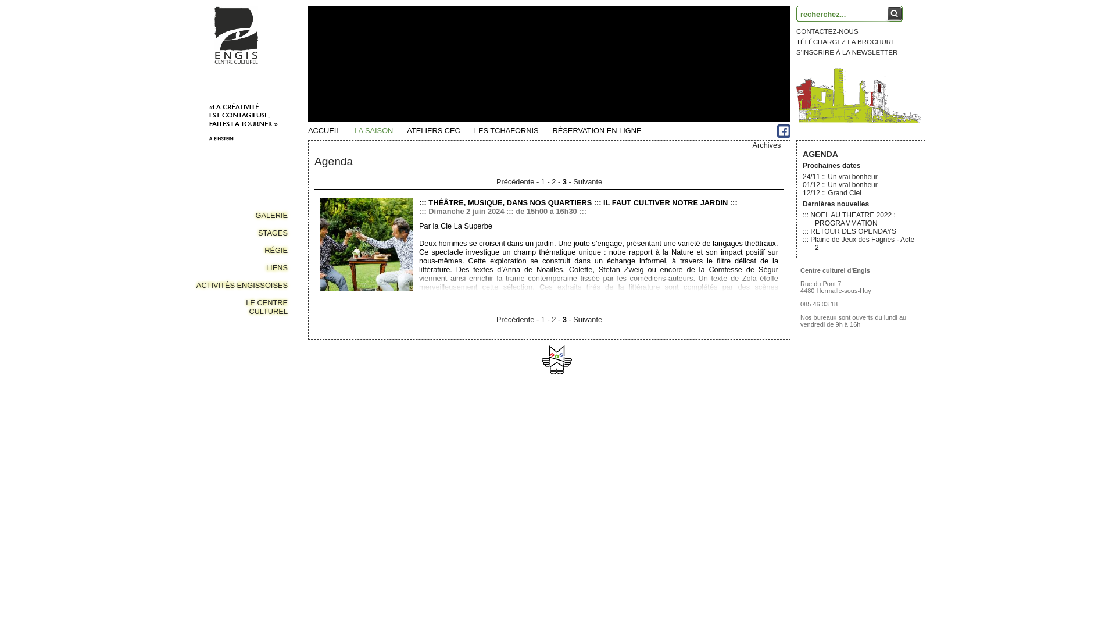 This screenshot has height=628, width=1116. I want to click on 'Archives', so click(767, 144).